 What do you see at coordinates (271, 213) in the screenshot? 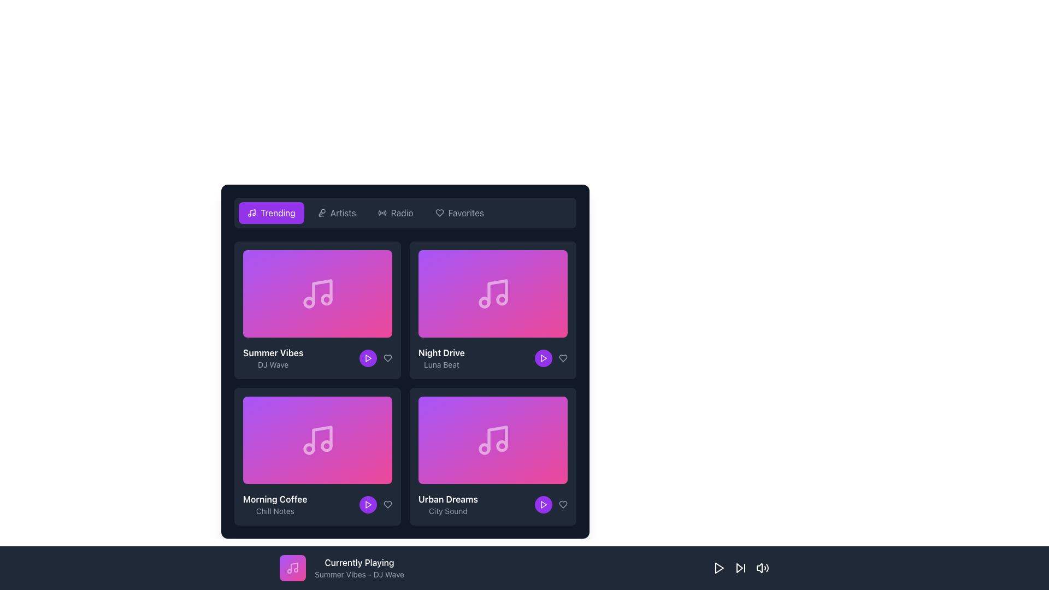
I see `the leftmost button with a purple background and white text reading 'Trending'` at bounding box center [271, 213].